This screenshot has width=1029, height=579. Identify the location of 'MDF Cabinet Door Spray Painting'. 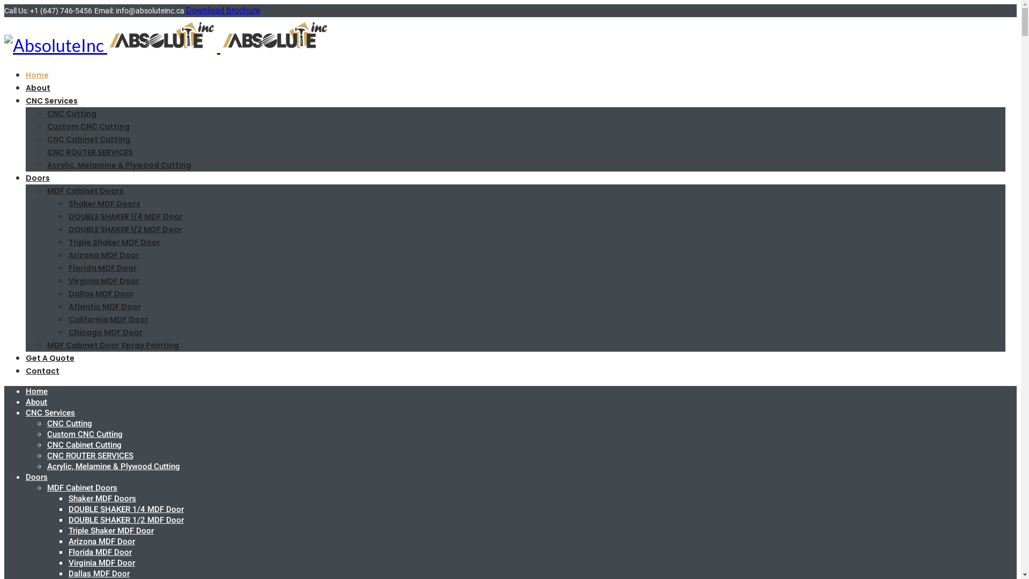
(113, 345).